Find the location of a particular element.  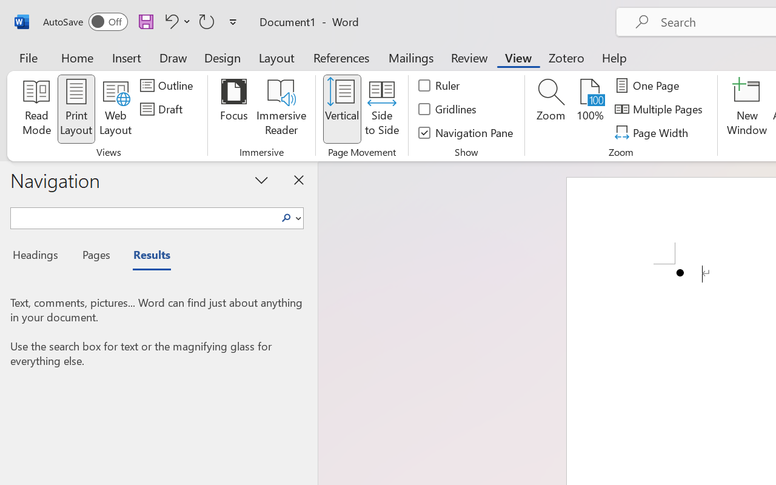

'Ruler' is located at coordinates (439, 85).